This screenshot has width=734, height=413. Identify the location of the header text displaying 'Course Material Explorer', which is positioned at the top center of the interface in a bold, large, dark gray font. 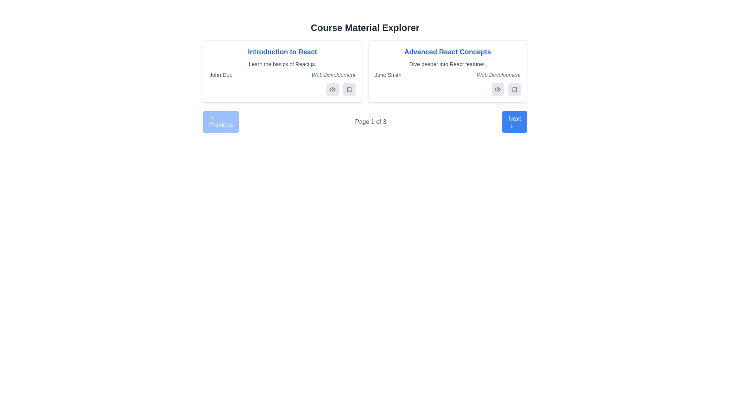
(365, 28).